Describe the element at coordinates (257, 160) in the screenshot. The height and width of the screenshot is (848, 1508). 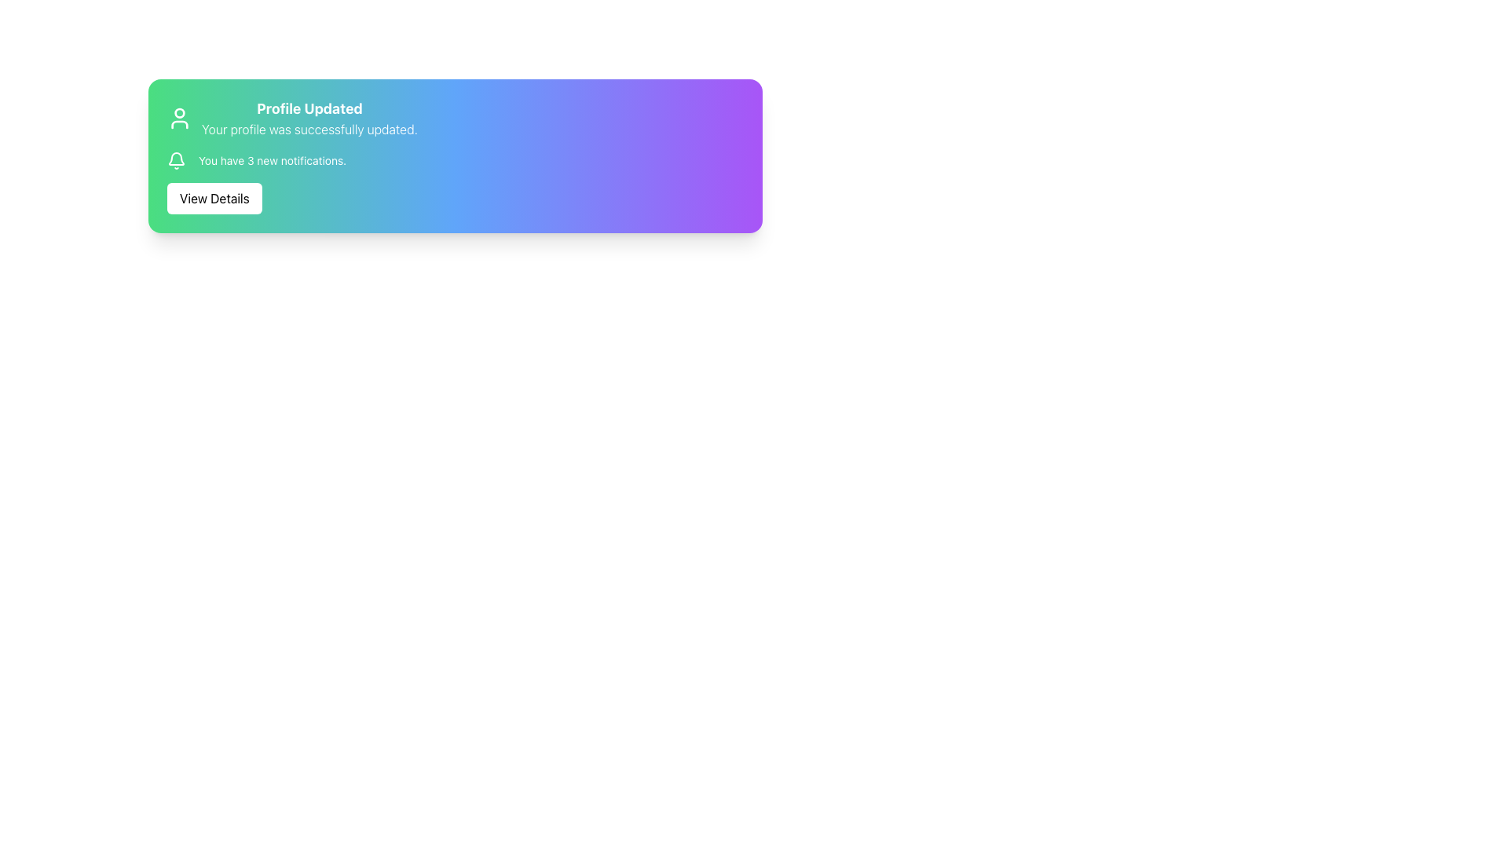
I see `the Notification indicator that displays a bell icon and the text 'You have 3 new notifications.' which is located beneath the 'Your profile was successfully updated.' text and above the 'View Details' button` at that location.